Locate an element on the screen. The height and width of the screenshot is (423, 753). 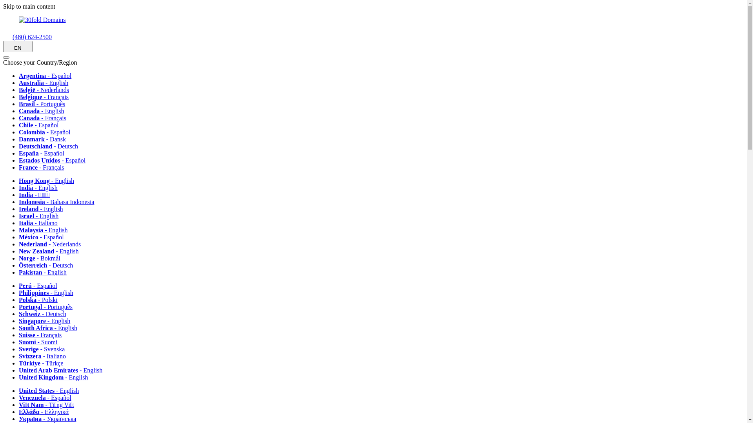
'Suomi - Suomi' is located at coordinates (40, 342).